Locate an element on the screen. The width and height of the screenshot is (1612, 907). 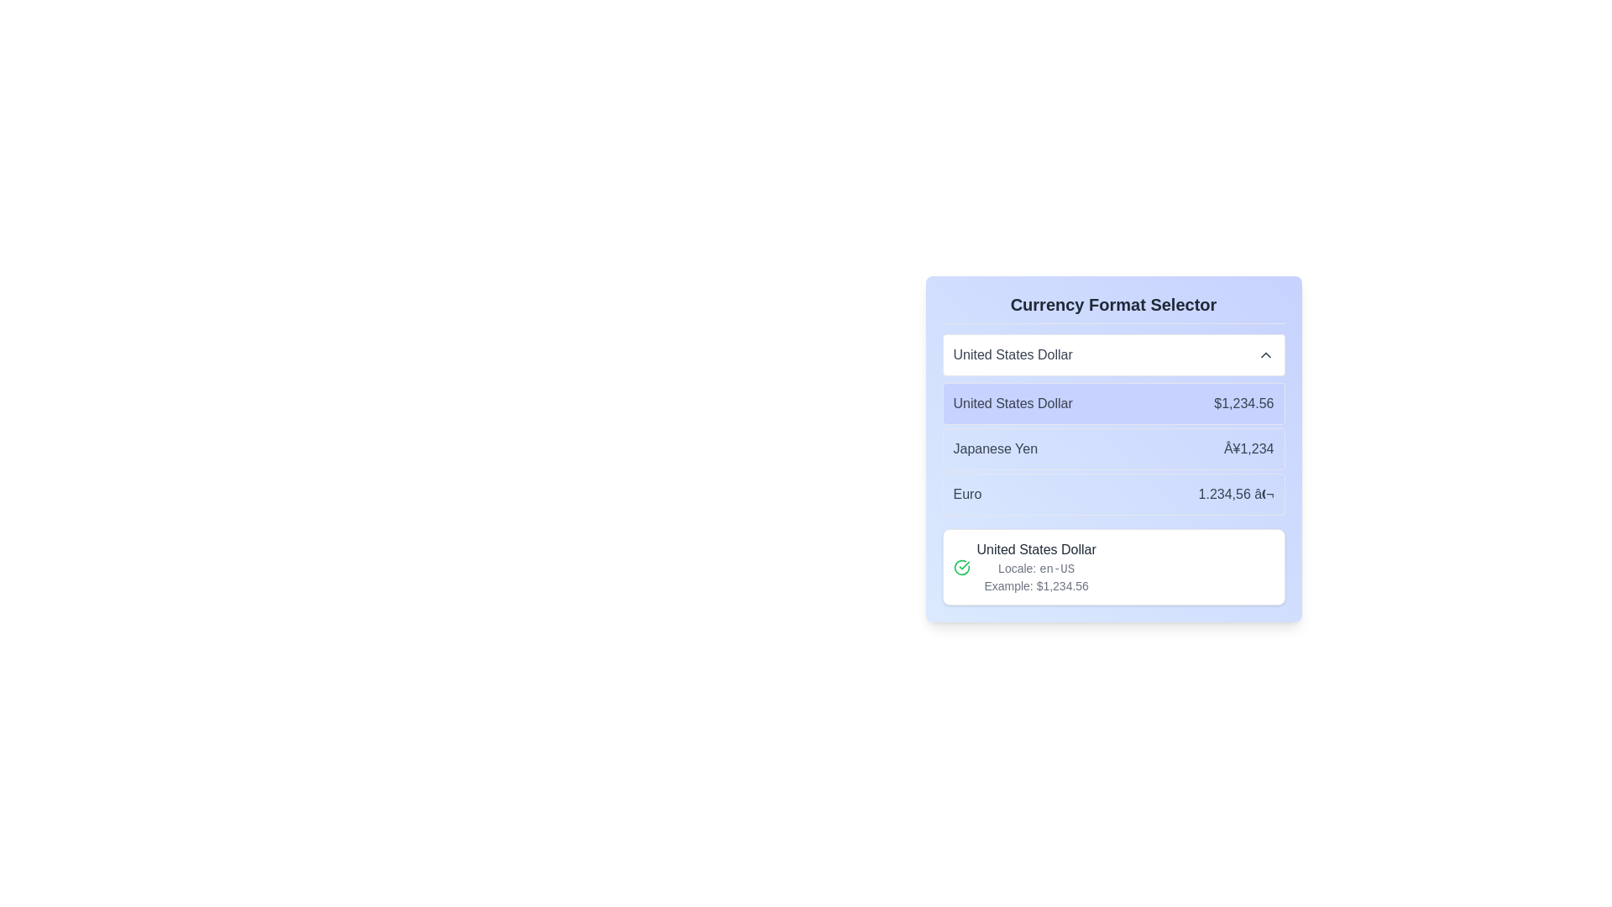
the static text label displaying 'en-US' which indicates the locale settings for currency format, located to the right of the 'Locale:' label is located at coordinates (1056, 569).